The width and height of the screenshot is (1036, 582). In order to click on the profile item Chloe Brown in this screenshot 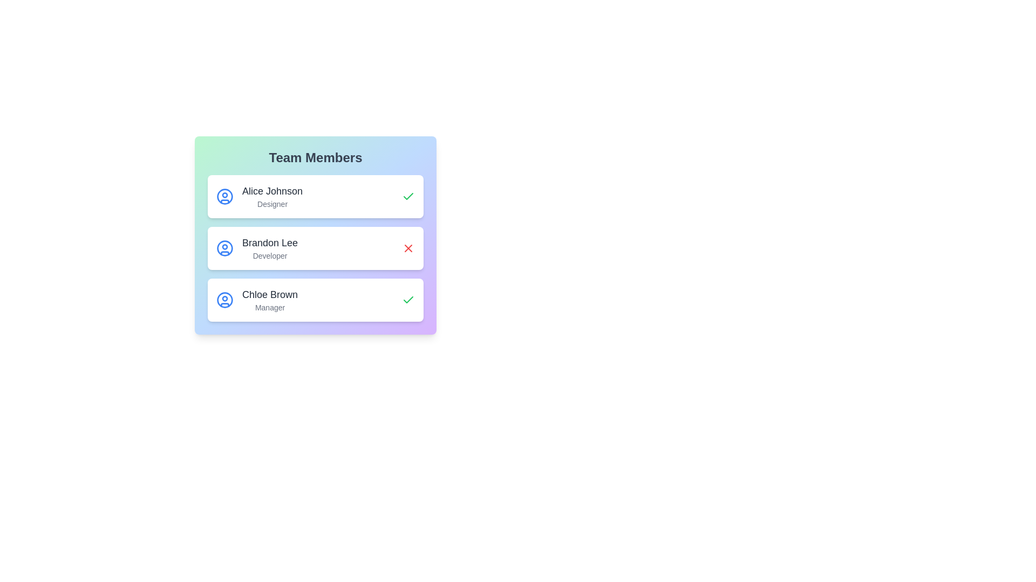, I will do `click(315, 300)`.